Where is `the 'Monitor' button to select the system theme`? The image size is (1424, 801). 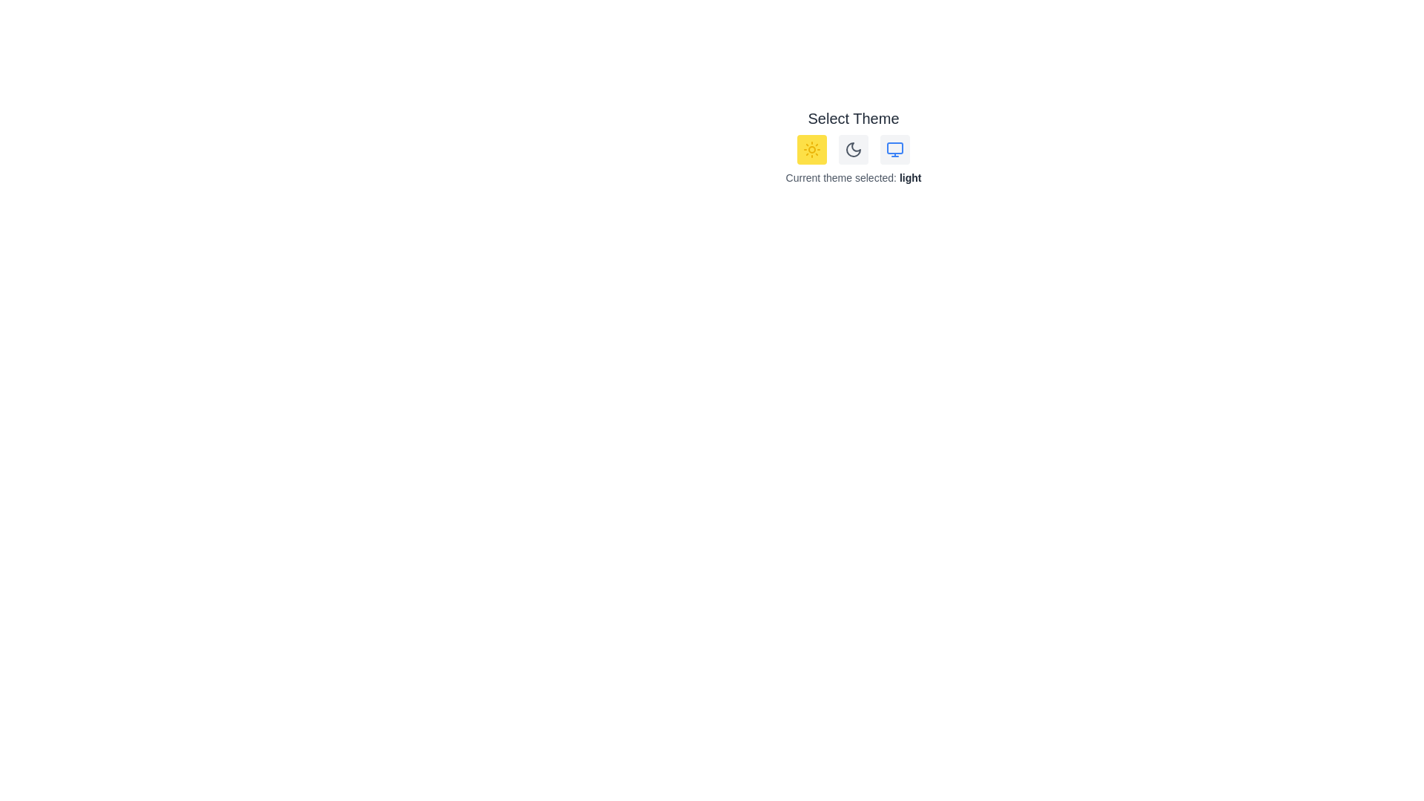 the 'Monitor' button to select the system theme is located at coordinates (894, 149).